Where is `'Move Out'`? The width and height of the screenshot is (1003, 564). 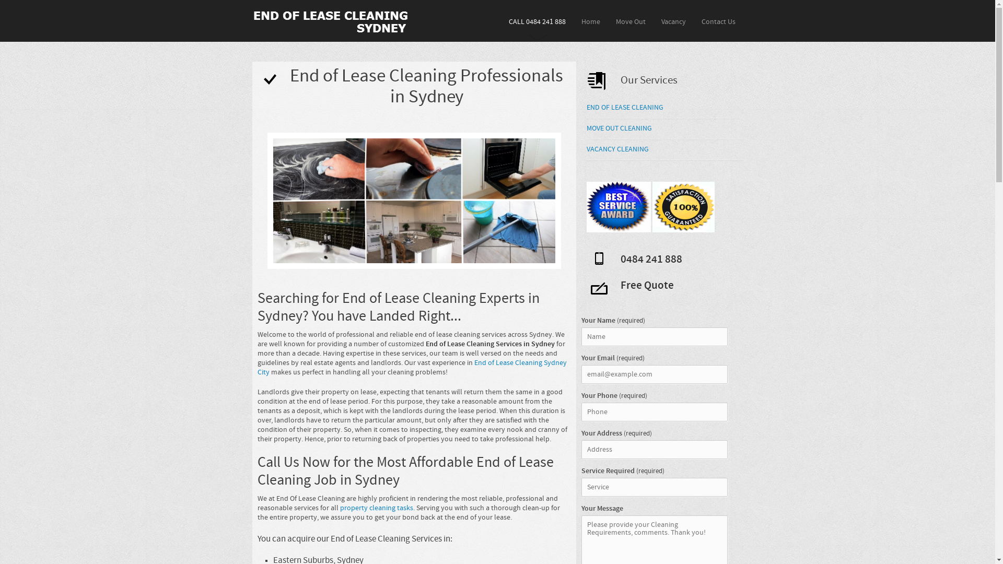 'Move Out' is located at coordinates (630, 20).